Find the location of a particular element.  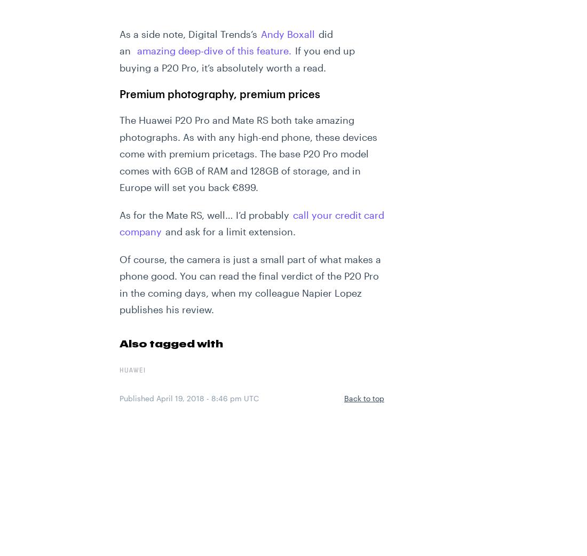

'Of course, the camera is just a small part of what makes a phone good. You can read the final verdict of the P20 Pro in the coming days, when my colleague Napier Lopez publishes his review.' is located at coordinates (250, 283).